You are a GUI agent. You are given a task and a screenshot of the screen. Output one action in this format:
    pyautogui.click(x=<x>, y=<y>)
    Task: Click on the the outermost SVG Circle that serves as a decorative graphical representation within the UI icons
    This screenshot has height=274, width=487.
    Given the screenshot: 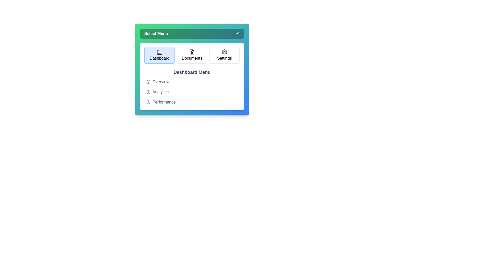 What is the action you would take?
    pyautogui.click(x=148, y=82)
    